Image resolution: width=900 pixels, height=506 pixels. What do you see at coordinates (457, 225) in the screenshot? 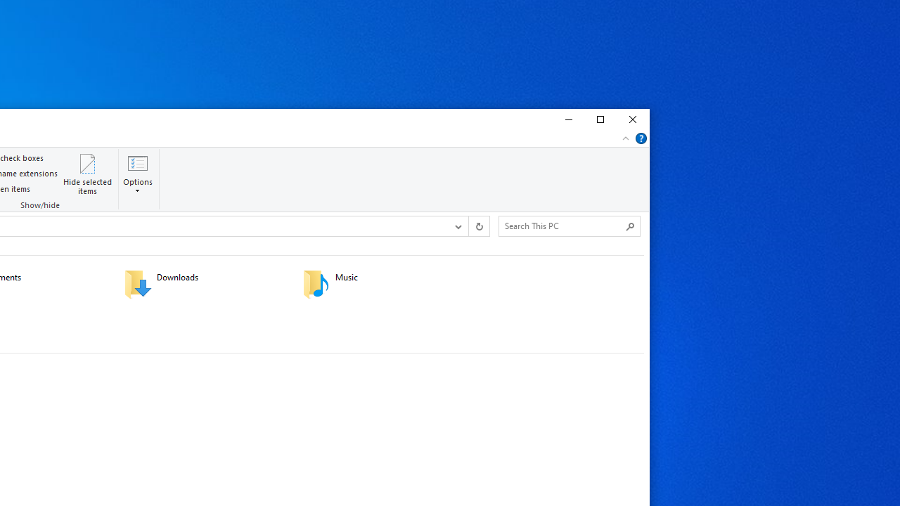
I see `'Previous Locations'` at bounding box center [457, 225].